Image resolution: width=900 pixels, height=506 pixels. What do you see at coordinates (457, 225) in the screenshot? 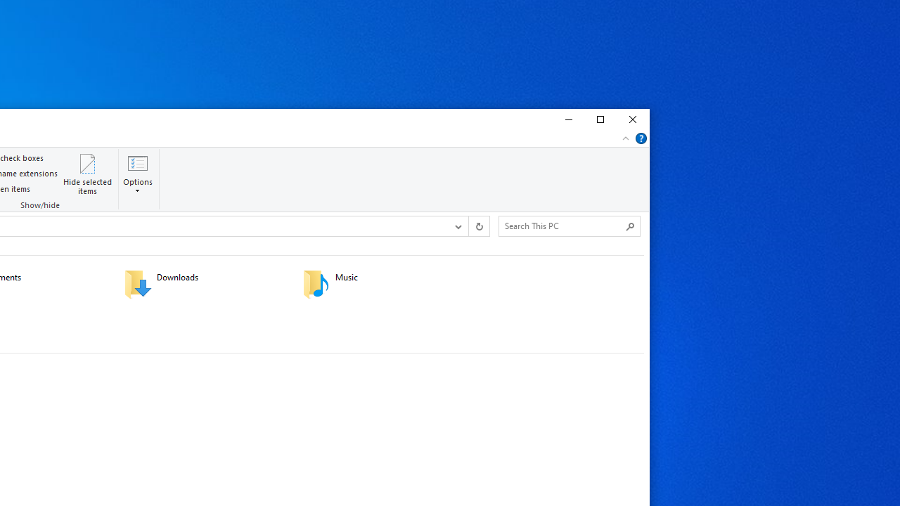
I see `'Previous Locations'` at bounding box center [457, 225].